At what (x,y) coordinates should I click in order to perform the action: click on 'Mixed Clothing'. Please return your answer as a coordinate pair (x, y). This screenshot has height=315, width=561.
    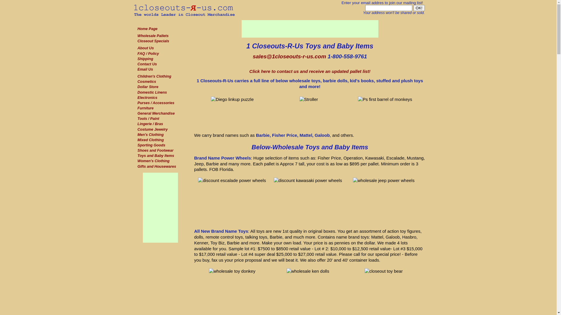
    Looking at the image, I should click on (137, 140).